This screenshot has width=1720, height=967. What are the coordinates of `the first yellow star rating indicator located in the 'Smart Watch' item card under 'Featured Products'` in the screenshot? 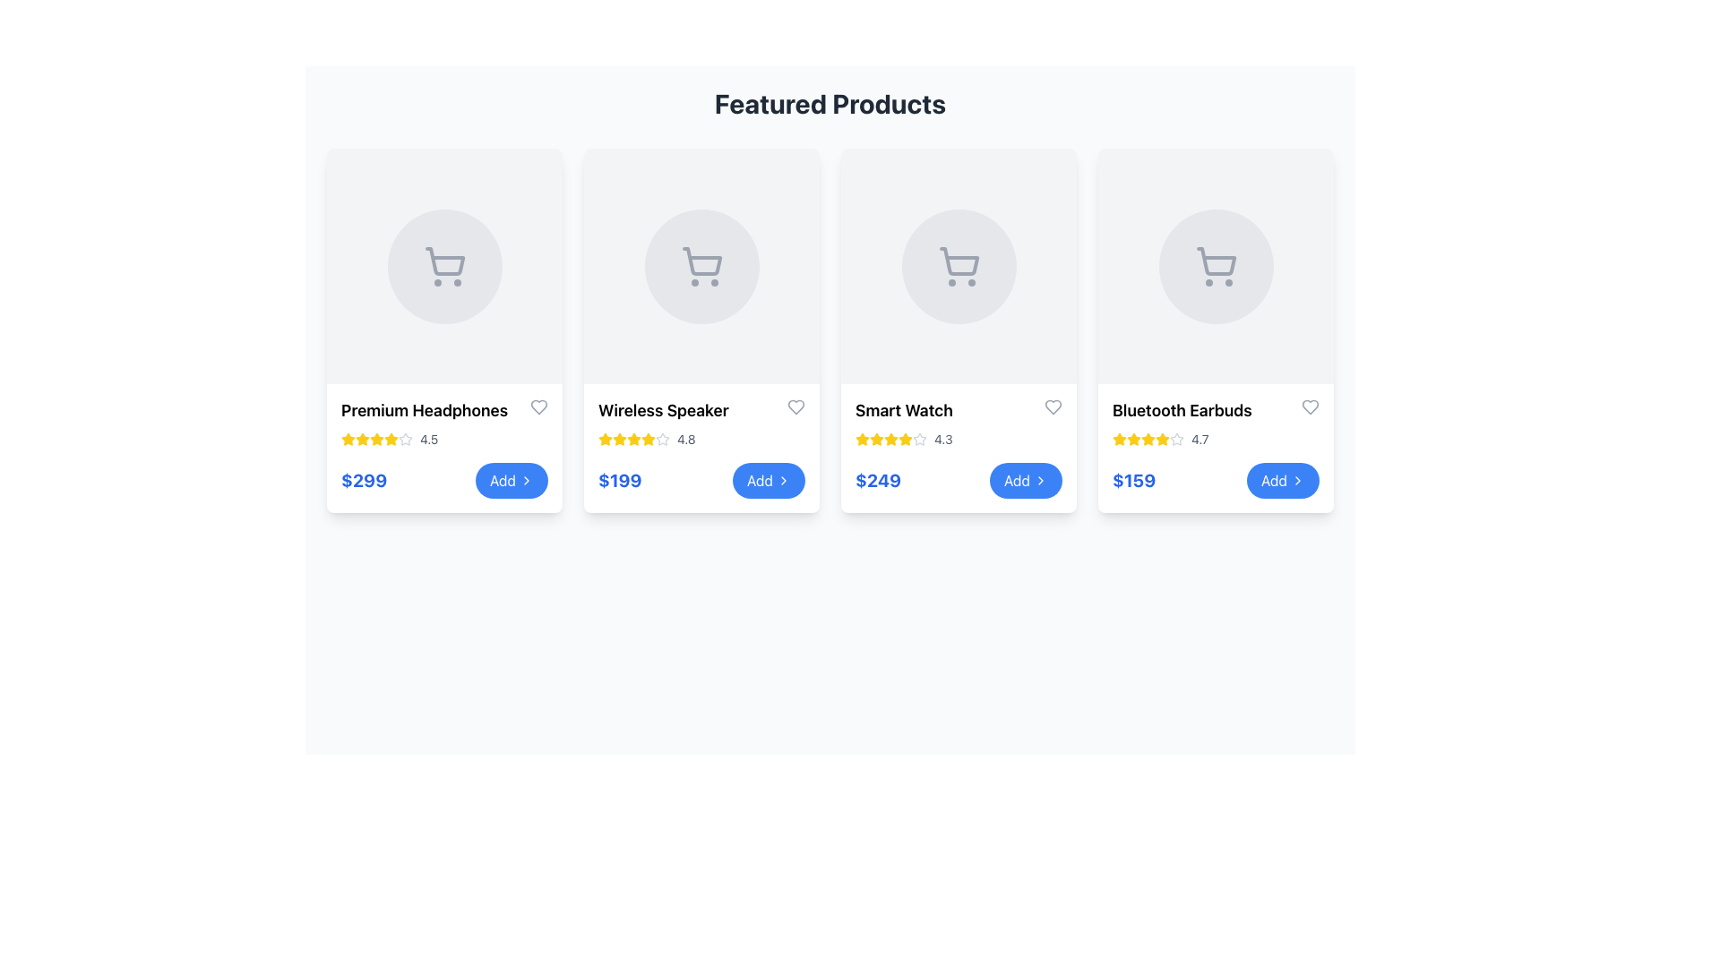 It's located at (863, 439).